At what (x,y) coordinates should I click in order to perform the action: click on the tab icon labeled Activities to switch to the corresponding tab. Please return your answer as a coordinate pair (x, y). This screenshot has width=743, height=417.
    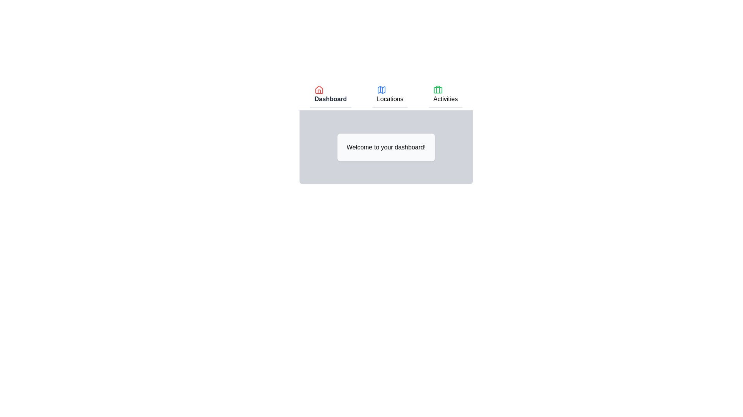
    Looking at the image, I should click on (438, 89).